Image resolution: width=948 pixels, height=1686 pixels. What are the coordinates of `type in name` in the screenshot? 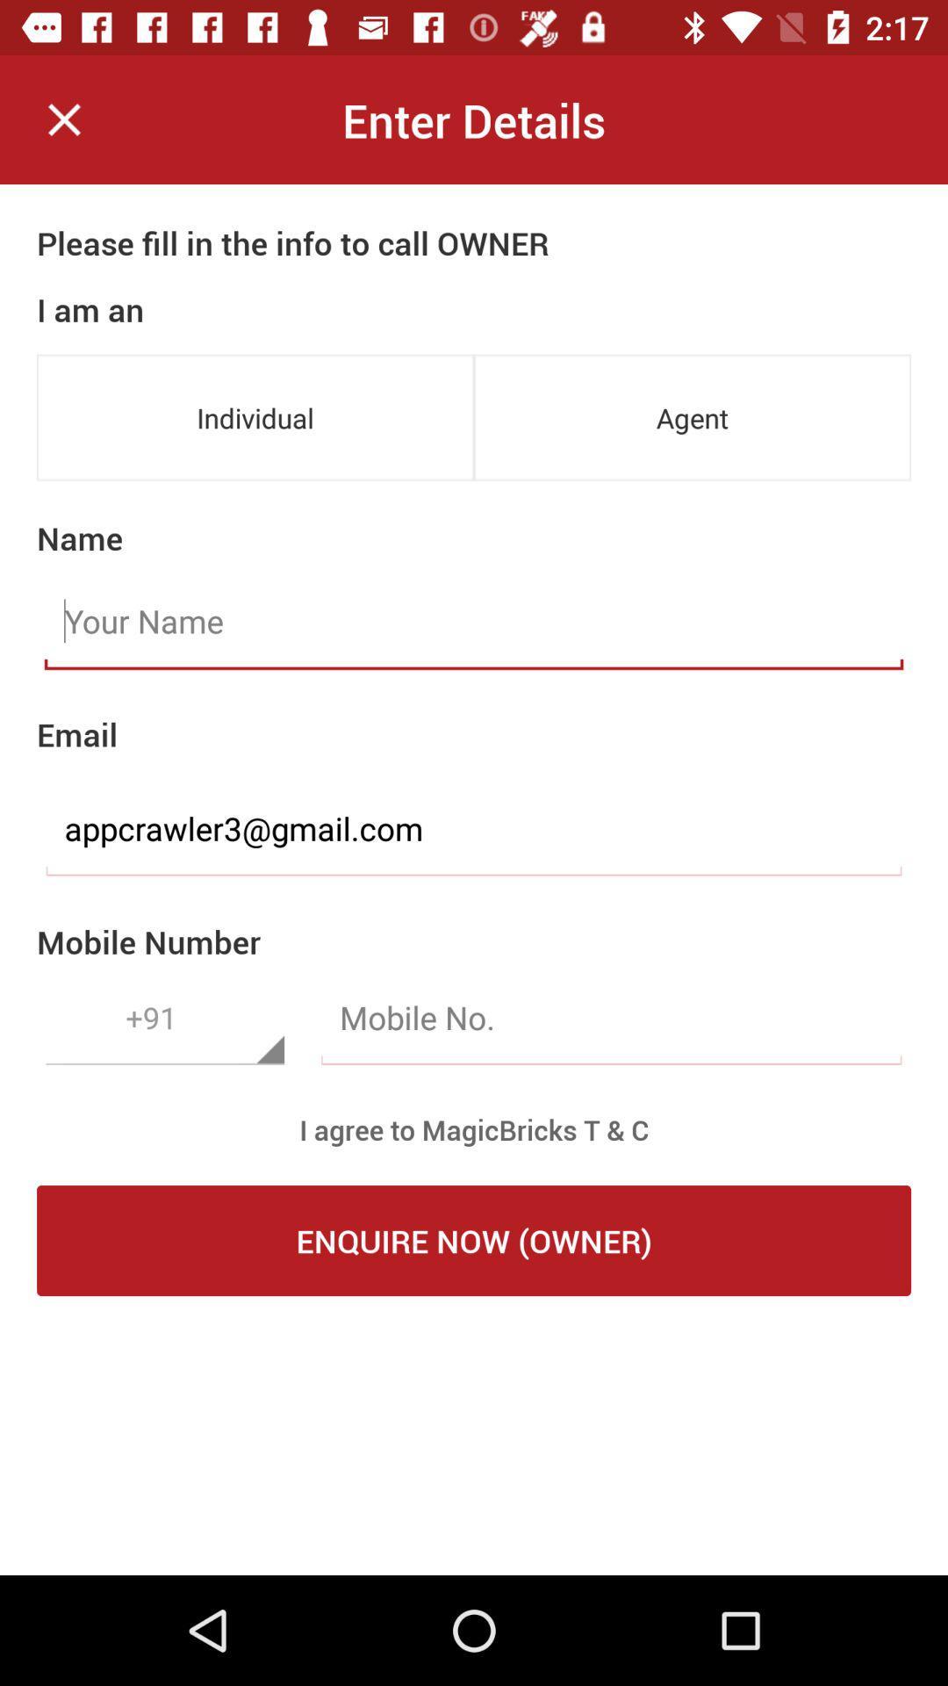 It's located at (474, 622).